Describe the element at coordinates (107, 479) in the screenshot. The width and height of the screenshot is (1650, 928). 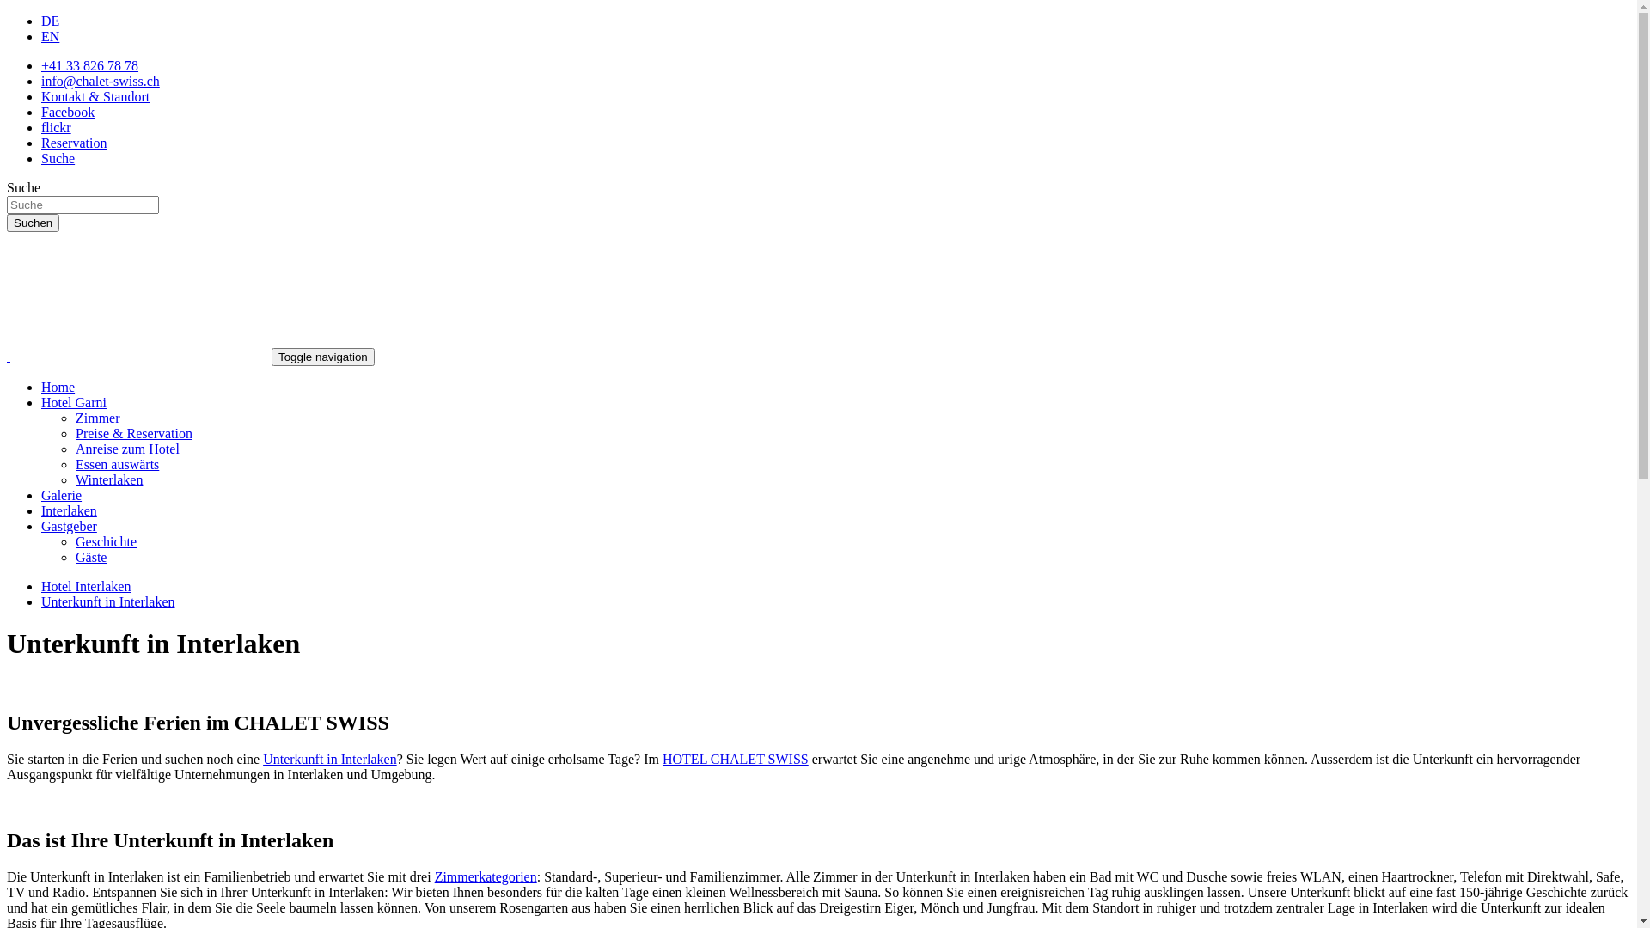
I see `'Winterlaken'` at that location.